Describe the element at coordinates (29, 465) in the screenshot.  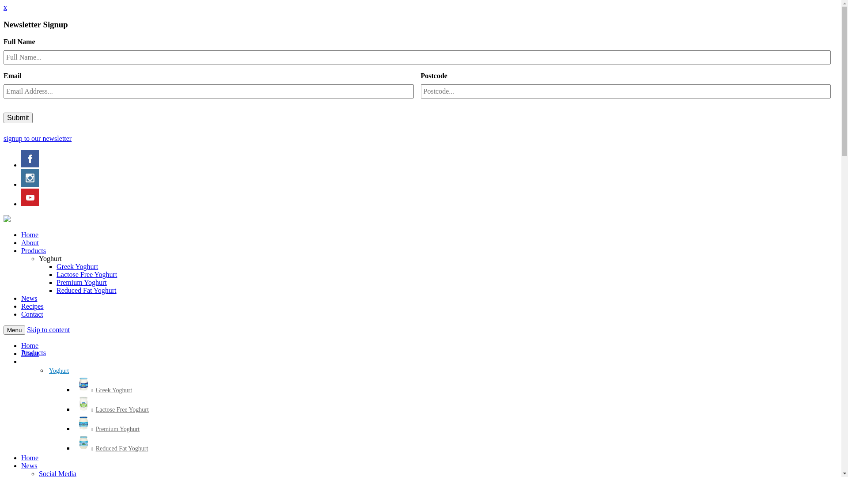
I see `'News'` at that location.